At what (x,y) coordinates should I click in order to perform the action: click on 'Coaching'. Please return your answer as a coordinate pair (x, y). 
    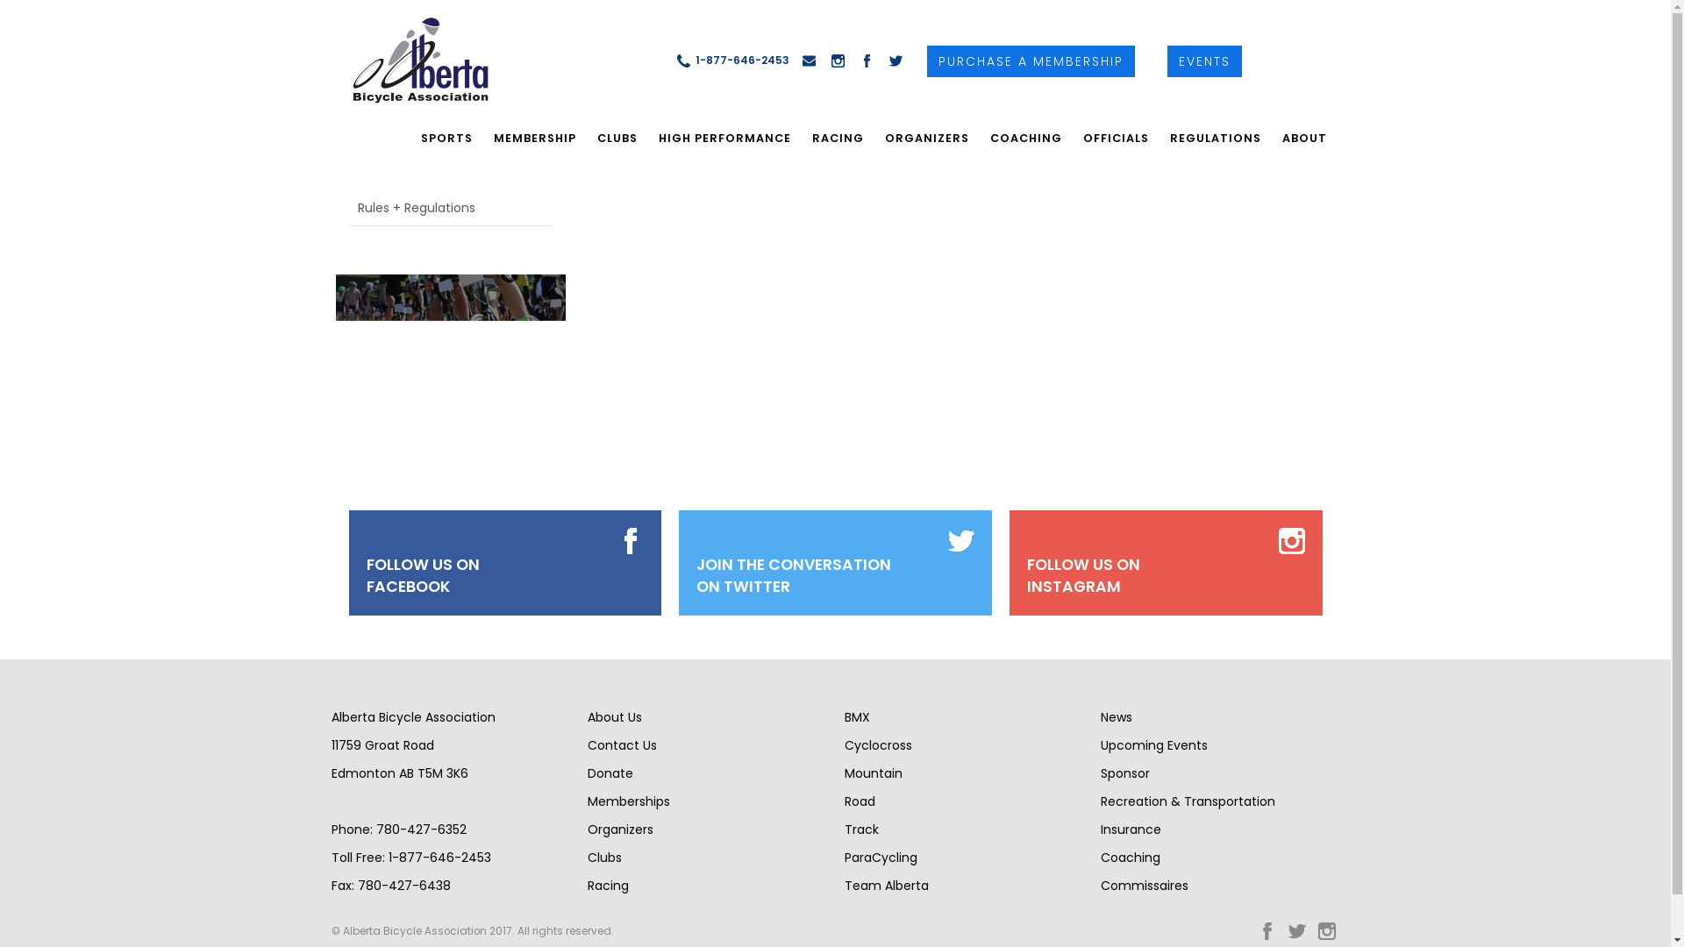
    Looking at the image, I should click on (1099, 857).